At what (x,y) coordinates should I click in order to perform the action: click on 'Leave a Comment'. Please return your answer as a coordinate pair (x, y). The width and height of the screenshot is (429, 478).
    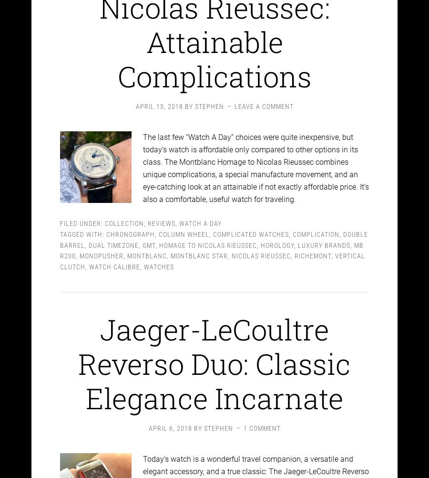
    Looking at the image, I should click on (263, 98).